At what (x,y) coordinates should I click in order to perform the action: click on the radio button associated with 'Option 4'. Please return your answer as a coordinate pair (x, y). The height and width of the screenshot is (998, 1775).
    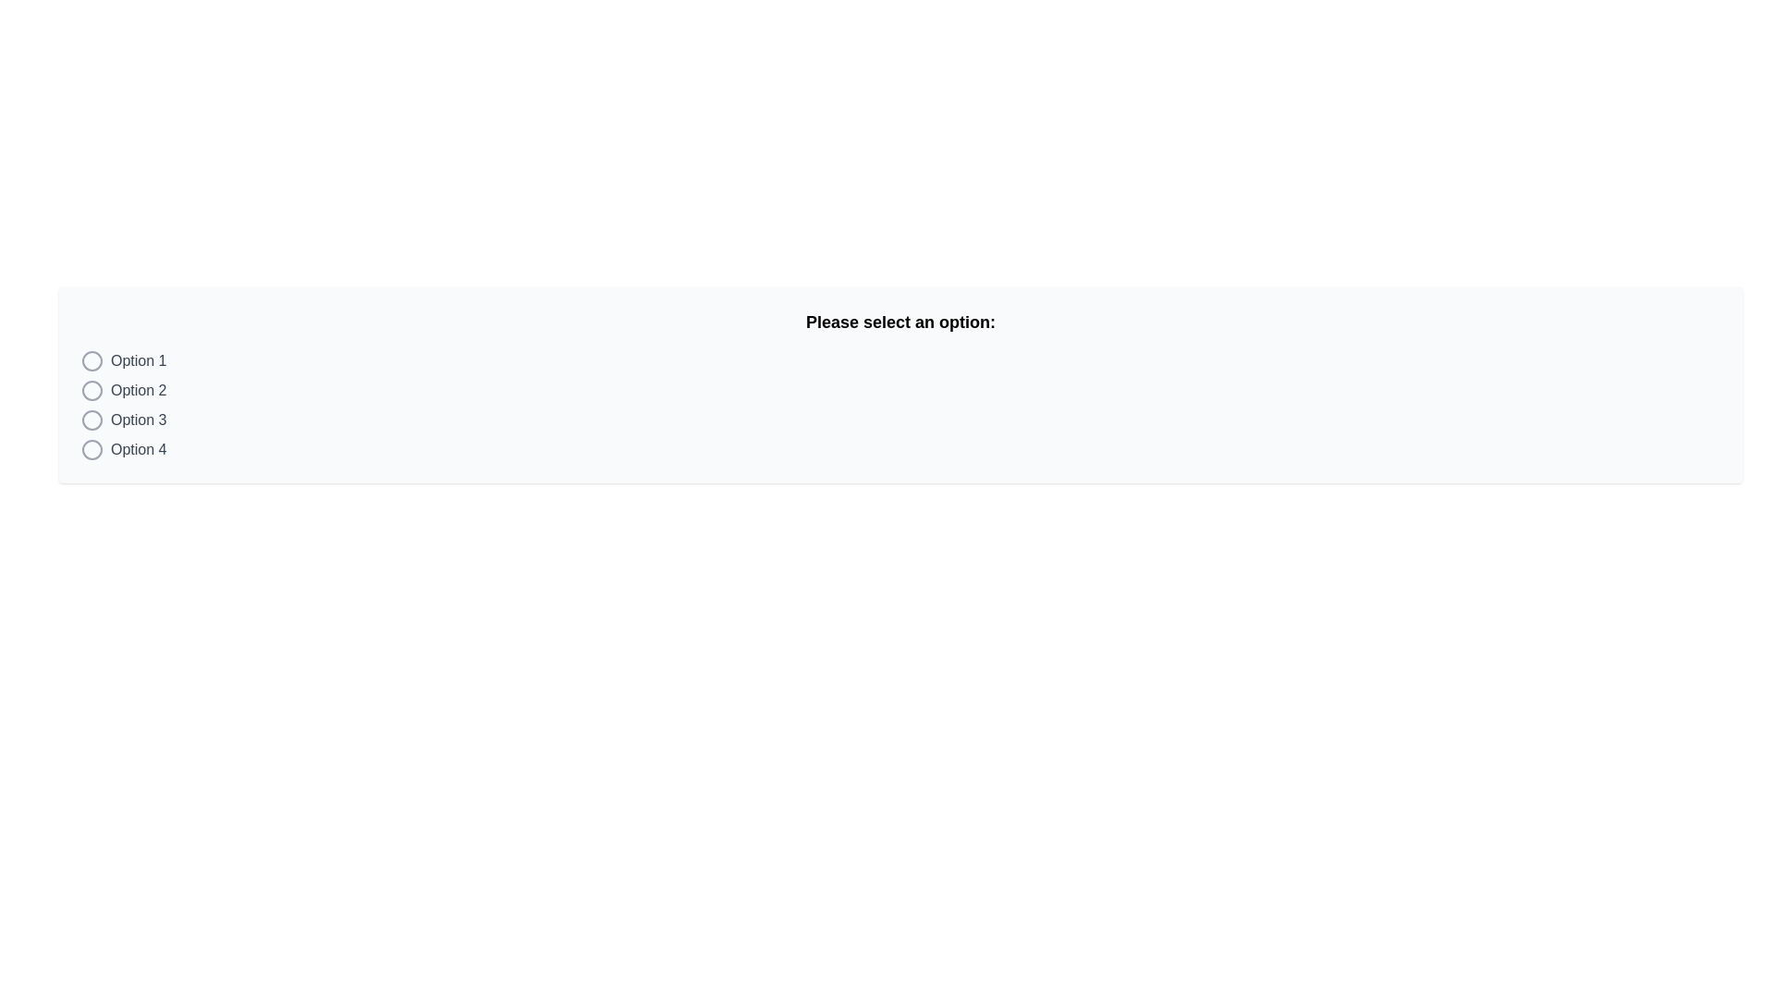
    Looking at the image, I should click on (92, 449).